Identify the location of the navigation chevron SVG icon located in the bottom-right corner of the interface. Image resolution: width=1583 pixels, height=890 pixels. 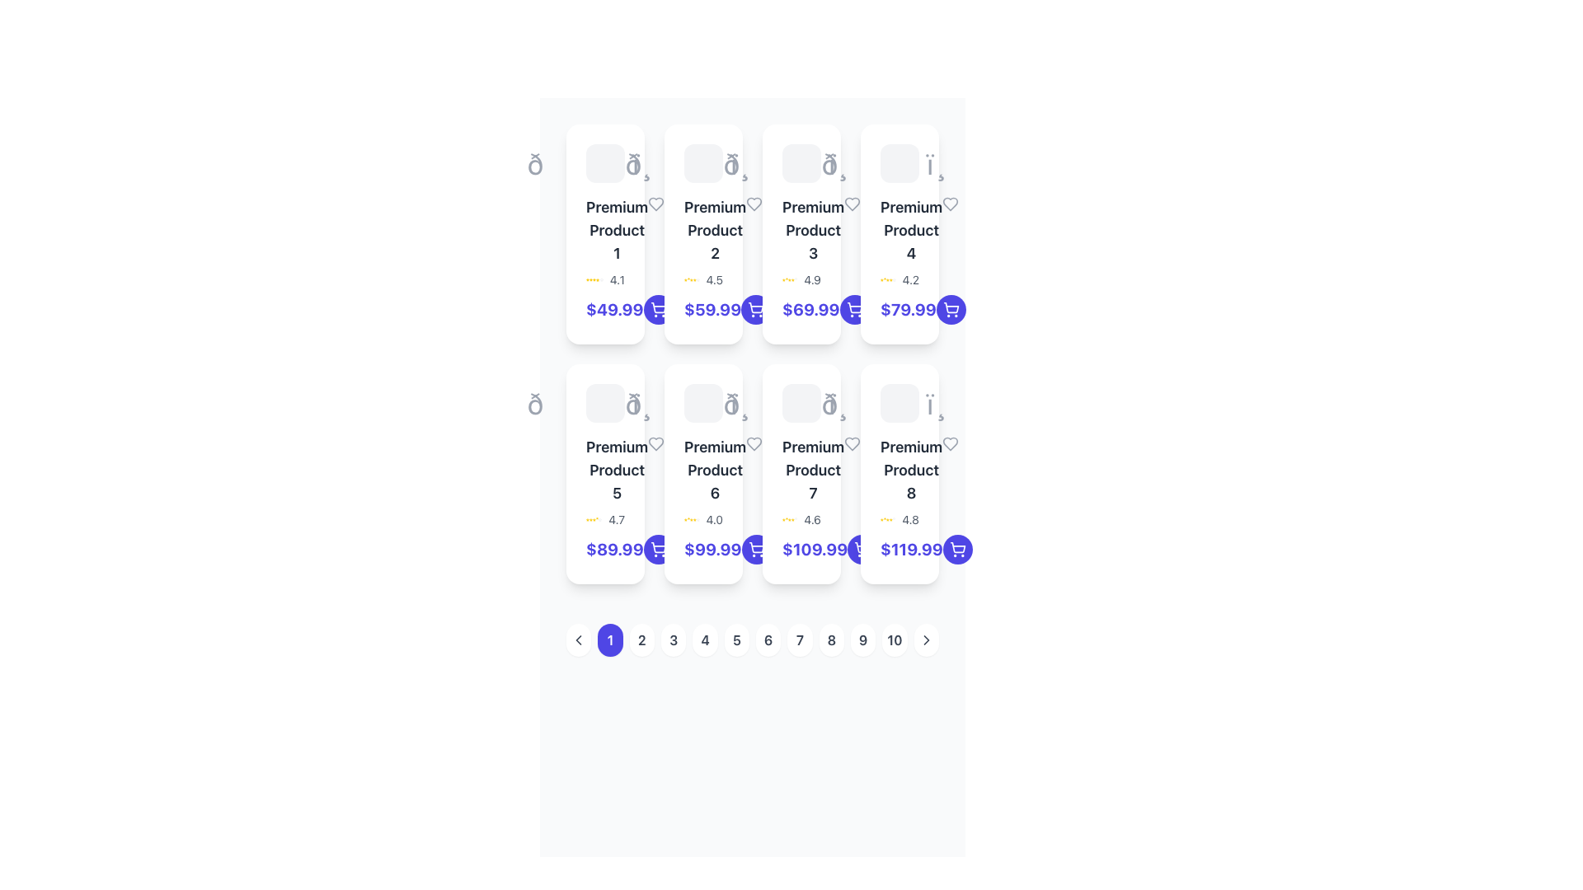
(926, 639).